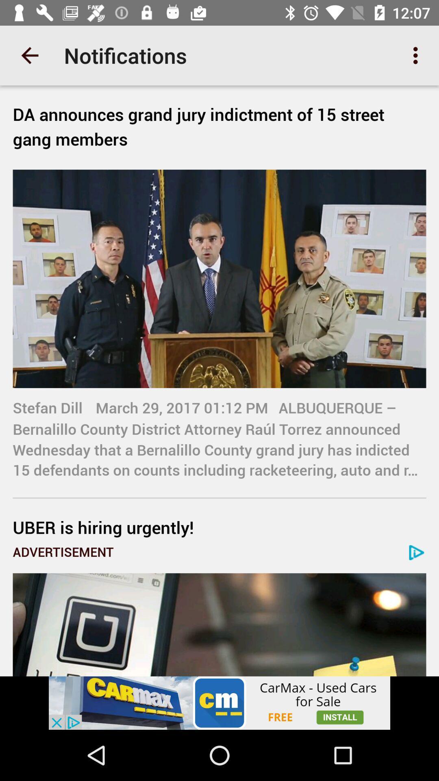 This screenshot has width=439, height=781. What do you see at coordinates (417, 55) in the screenshot?
I see `the icon at the top right corner` at bounding box center [417, 55].